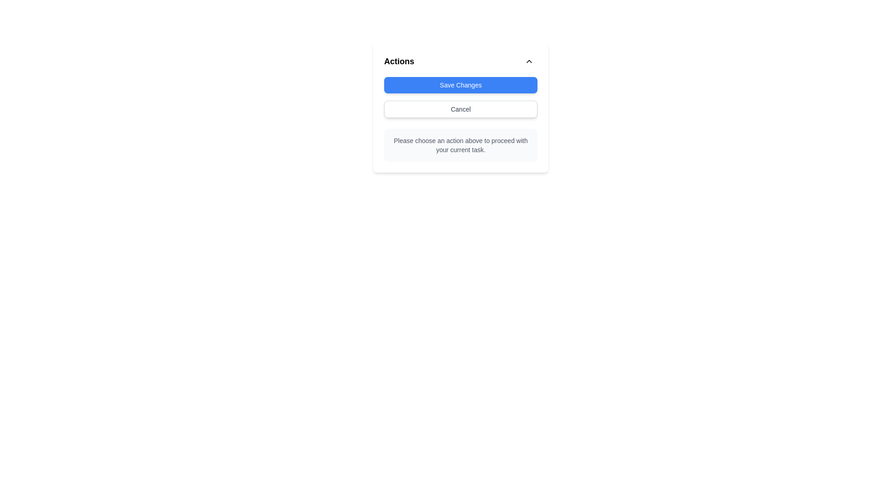  Describe the element at coordinates (460, 145) in the screenshot. I see `the static text label displaying 'Please choose an action above to proceed with your current task.' which is centrally aligned within the 'Actions' section of the card-like interface` at that location.